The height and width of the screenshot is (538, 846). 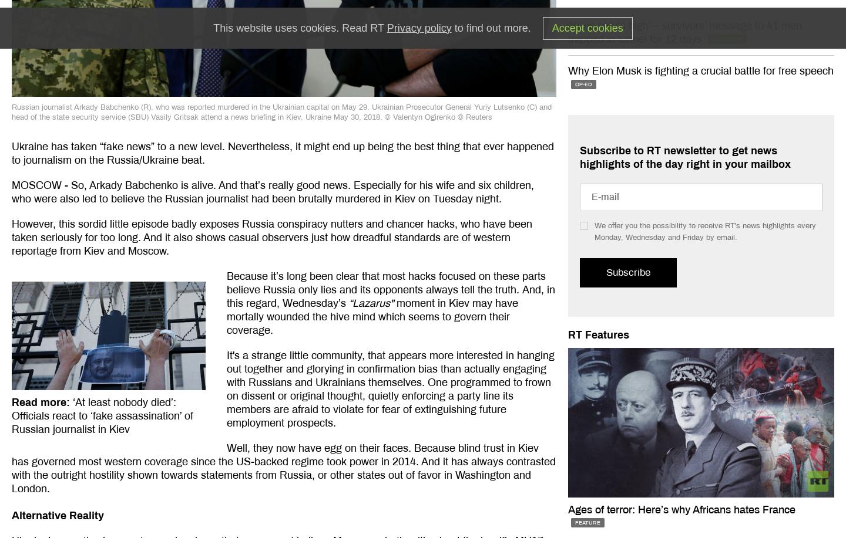 I want to click on 'This website uses cookies. Read RT', so click(x=299, y=28).